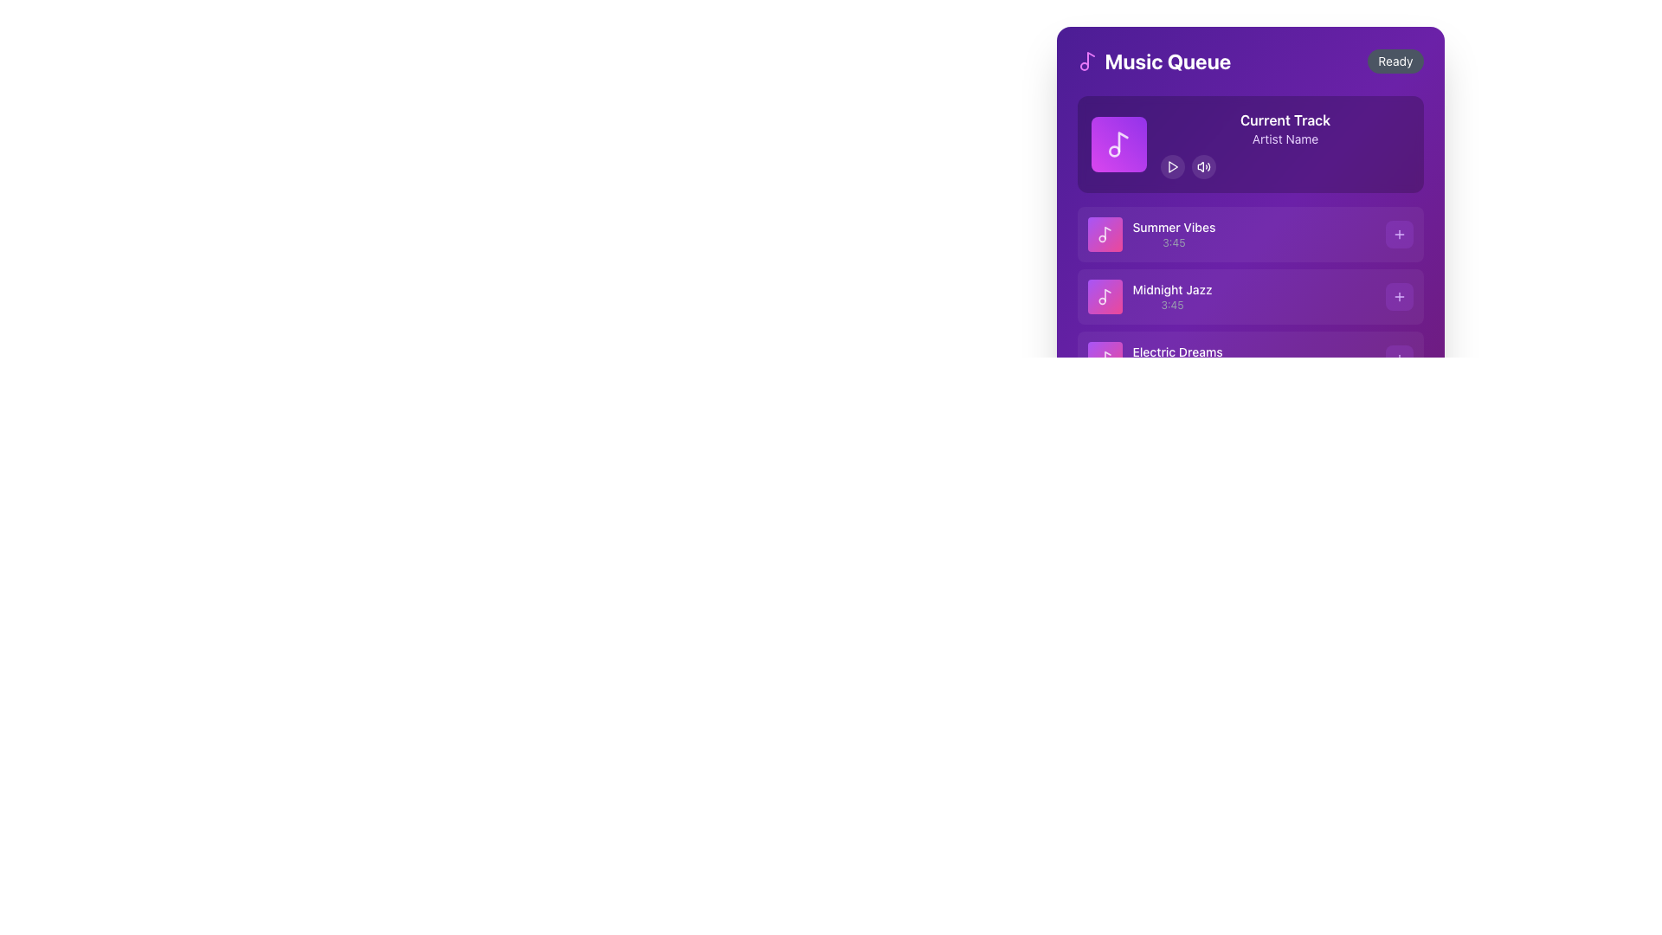 This screenshot has height=935, width=1662. What do you see at coordinates (1285, 166) in the screenshot?
I see `the play button in the 'Current Track' section` at bounding box center [1285, 166].